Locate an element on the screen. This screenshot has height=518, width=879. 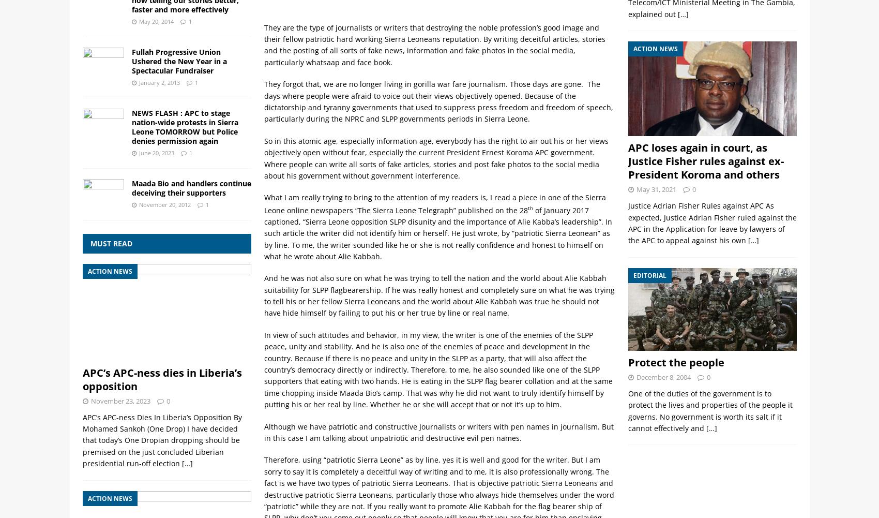
'May 20, 2014' is located at coordinates (156, 21).